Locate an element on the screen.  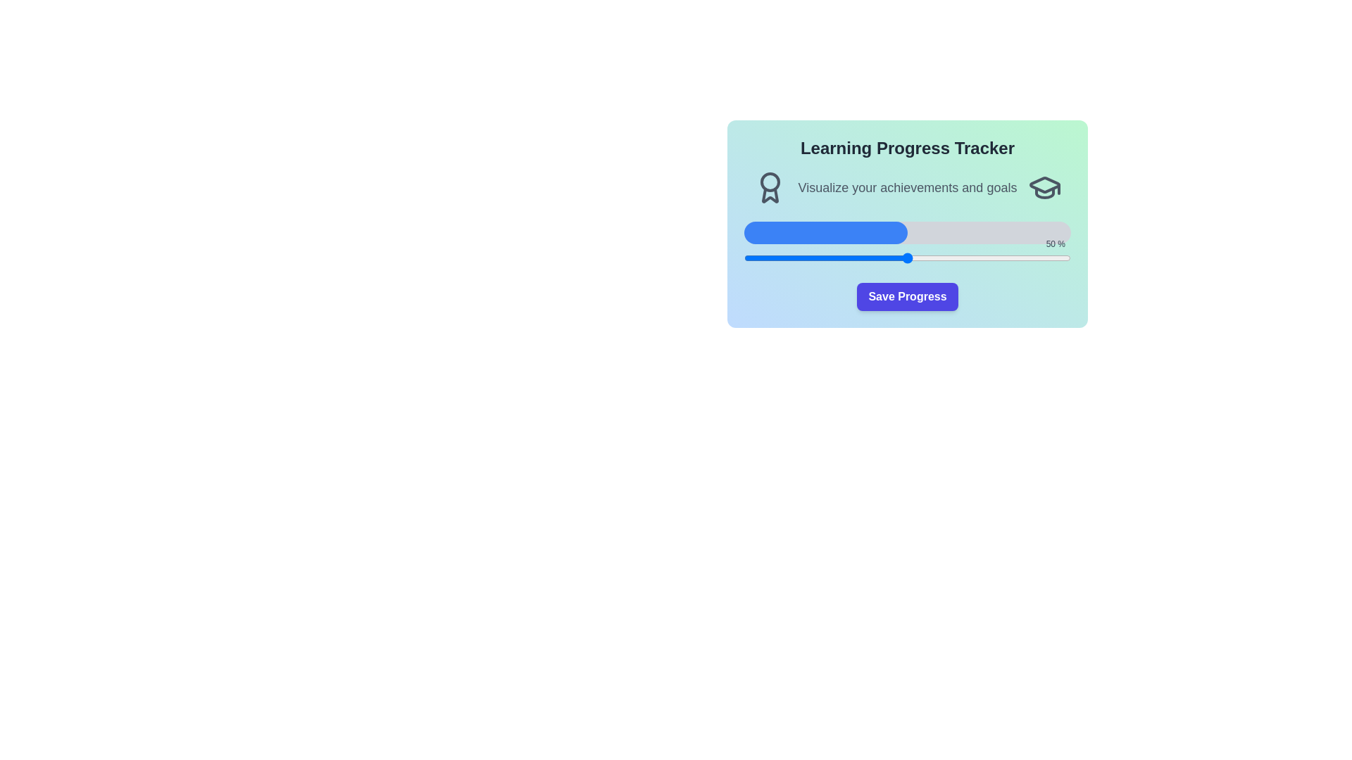
the progress slider to 98% is located at coordinates (1064, 258).